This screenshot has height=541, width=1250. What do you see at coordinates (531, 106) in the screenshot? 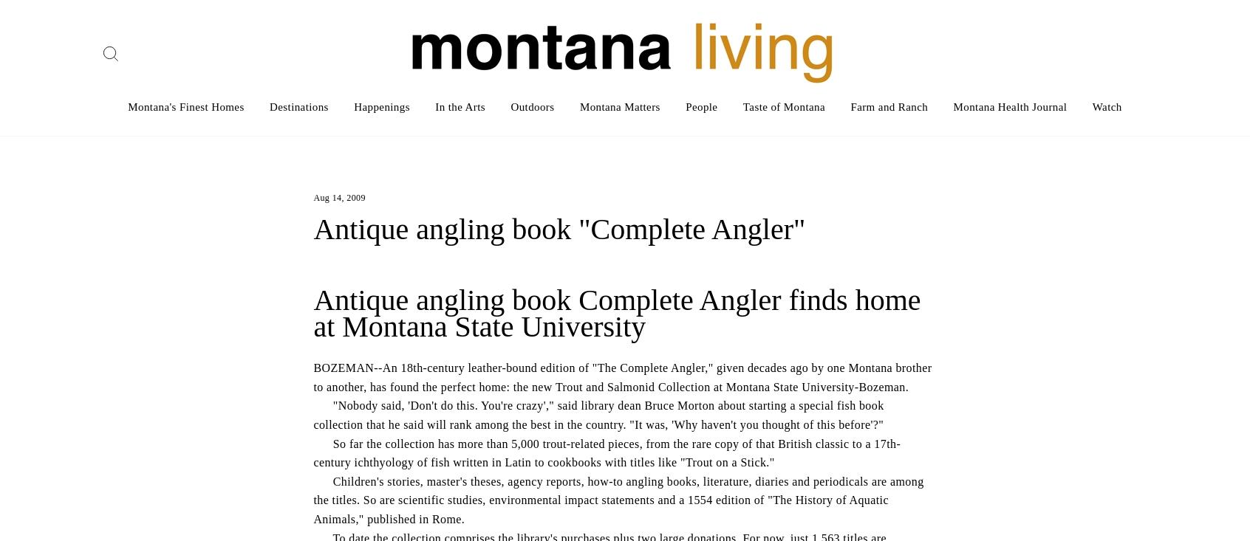
I see `'Outdoors'` at bounding box center [531, 106].